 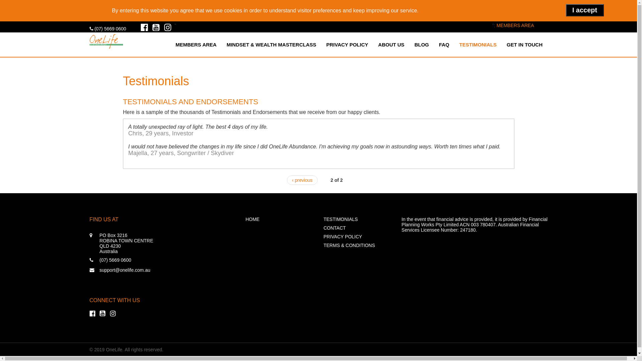 I want to click on 'PRIVACY POLICY', so click(x=323, y=236).